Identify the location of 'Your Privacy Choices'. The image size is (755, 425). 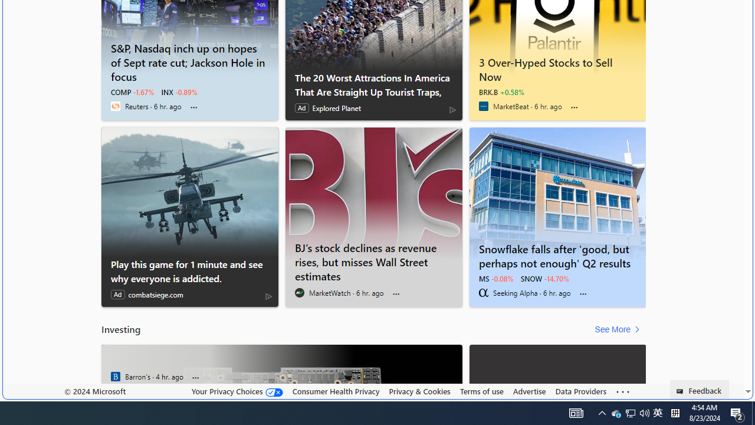
(236, 391).